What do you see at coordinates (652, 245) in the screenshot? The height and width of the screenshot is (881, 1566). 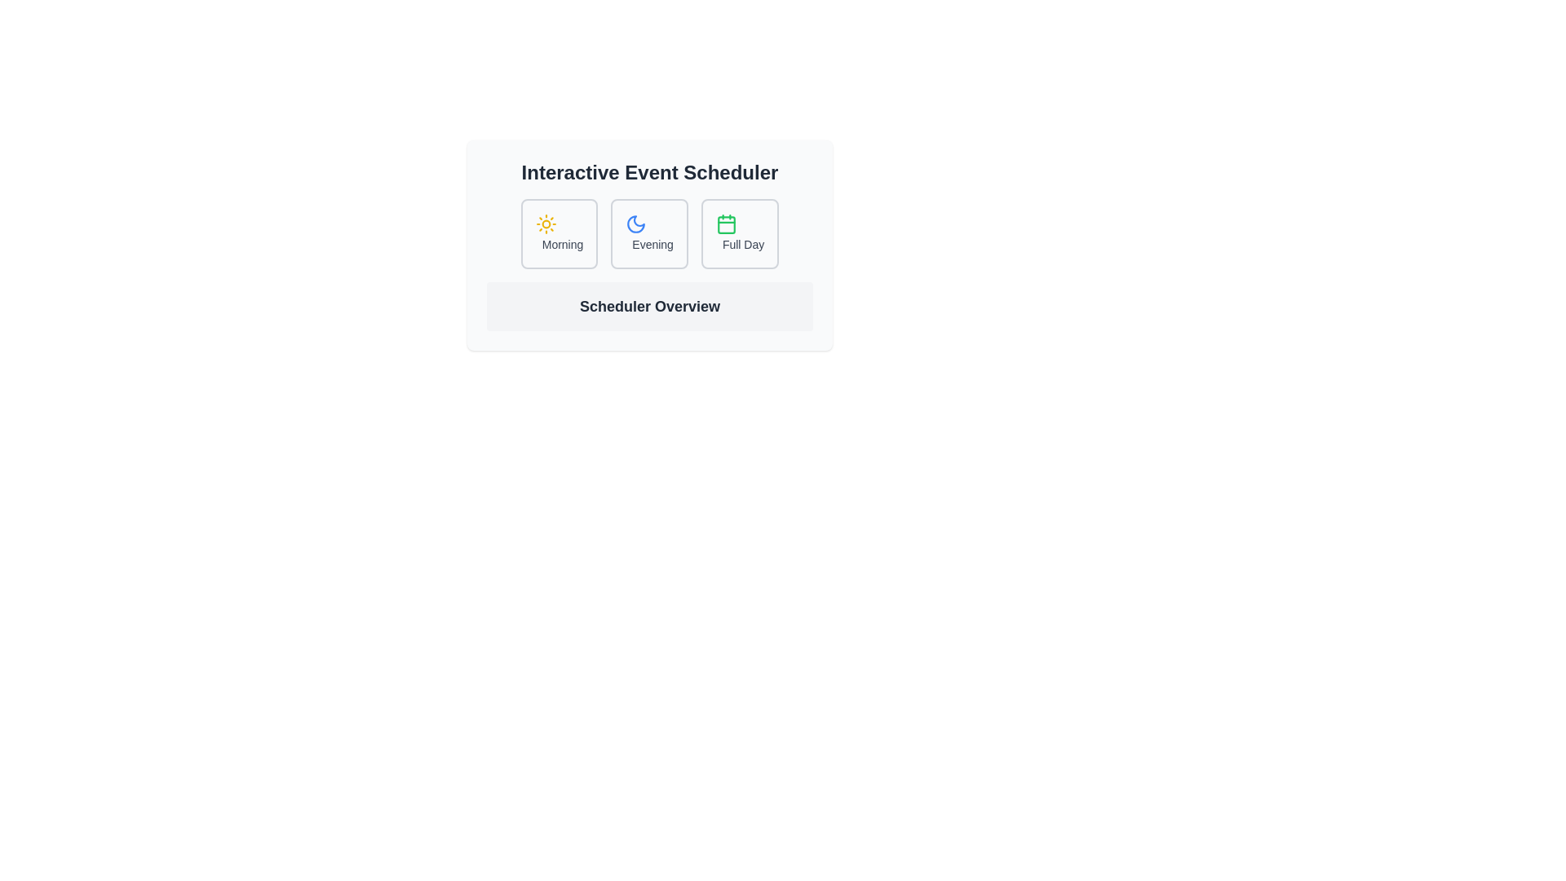 I see `the 'Evening' text label, which is displayed in small gray font within a bordered rectangular area, located beneath a moon icon in the scheduling interface` at bounding box center [652, 245].